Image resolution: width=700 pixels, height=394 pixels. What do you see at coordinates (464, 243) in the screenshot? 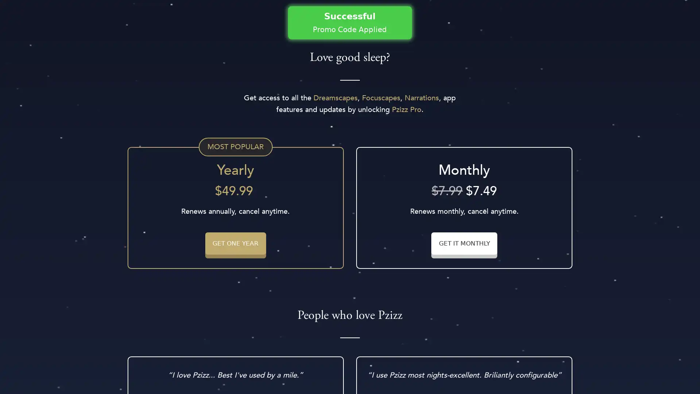
I see `GET IT MONTHLY` at bounding box center [464, 243].